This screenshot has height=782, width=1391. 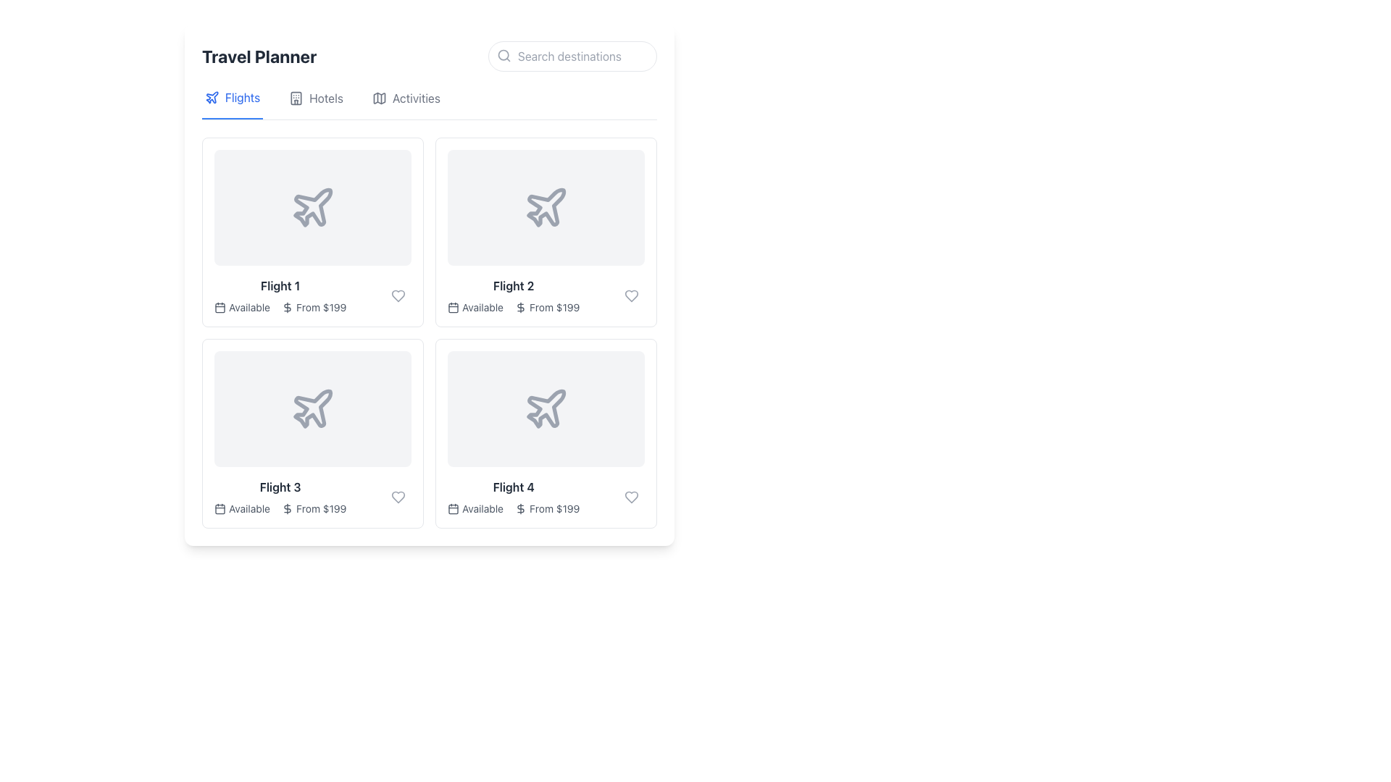 I want to click on the 'Flights' navigation tab, which is the first item in the navigation bar with blue colored text and a plane icon, so click(x=233, y=103).